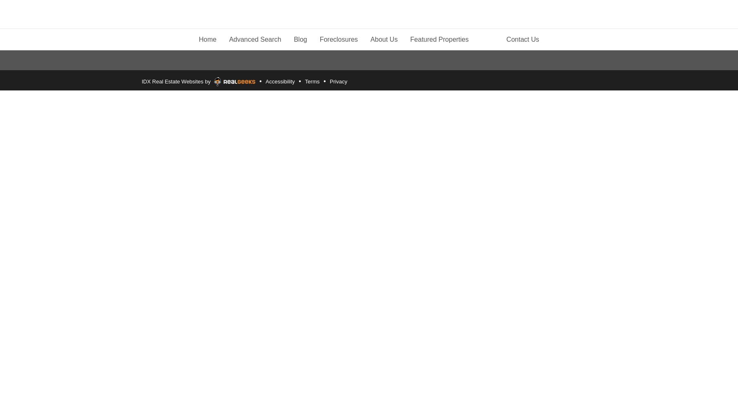 This screenshot has height=413, width=738. I want to click on 'Blog', so click(294, 38).